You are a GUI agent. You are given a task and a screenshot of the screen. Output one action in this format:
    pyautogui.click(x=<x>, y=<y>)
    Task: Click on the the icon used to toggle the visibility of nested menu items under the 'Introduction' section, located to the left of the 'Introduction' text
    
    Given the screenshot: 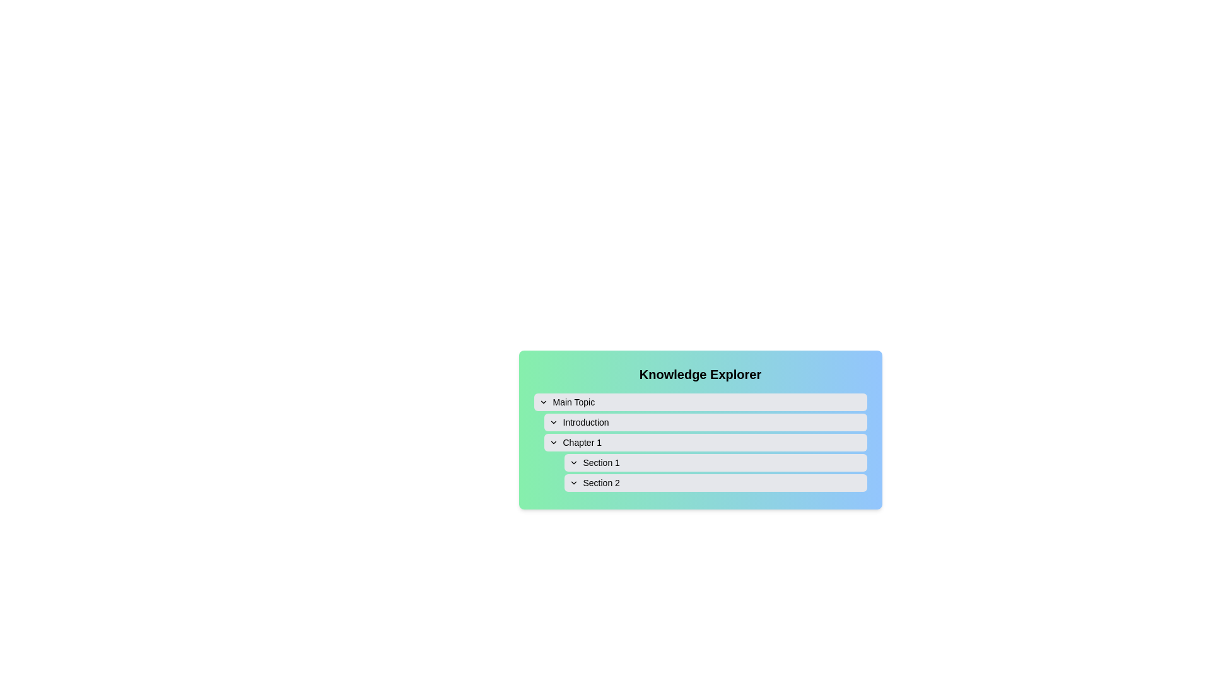 What is the action you would take?
    pyautogui.click(x=553, y=422)
    